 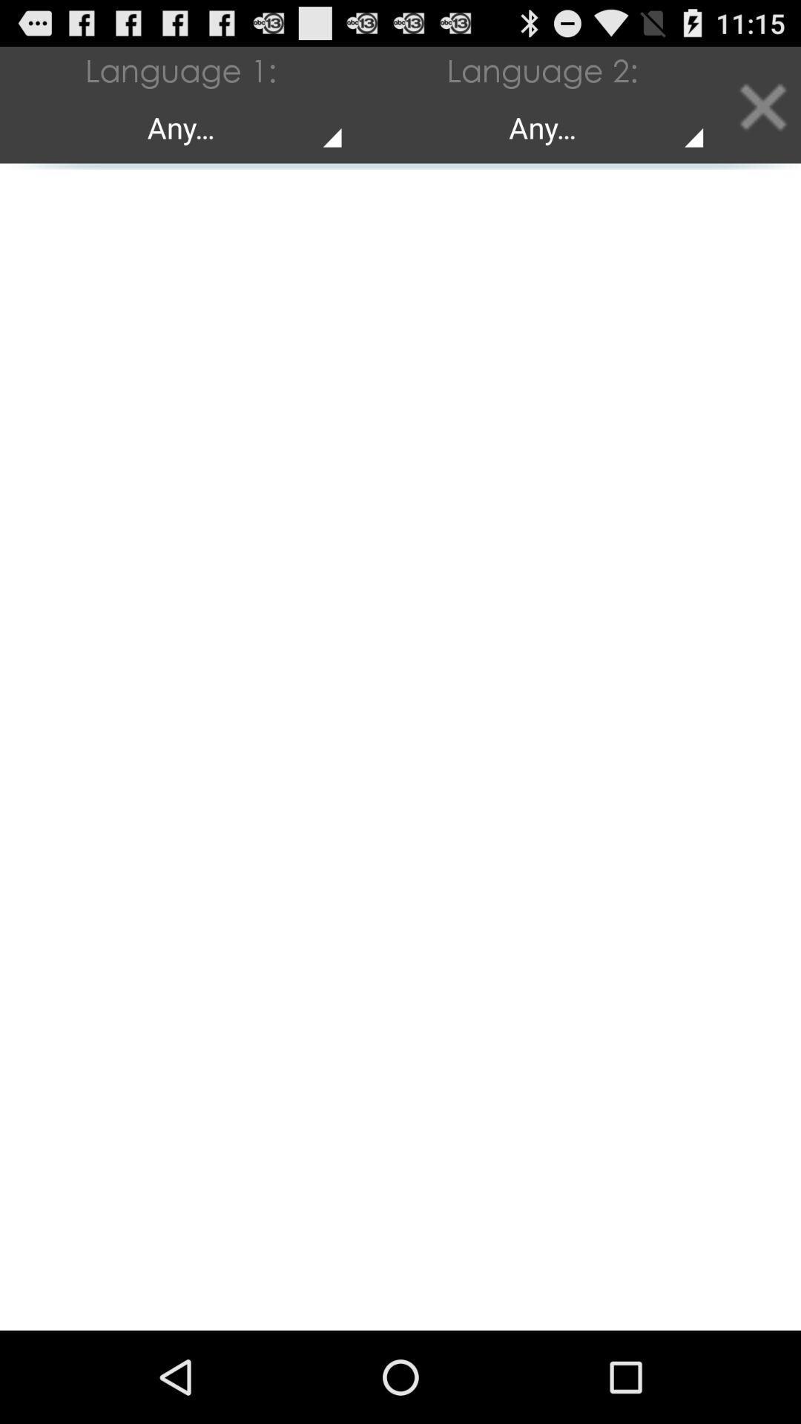 I want to click on translator, so click(x=762, y=104).